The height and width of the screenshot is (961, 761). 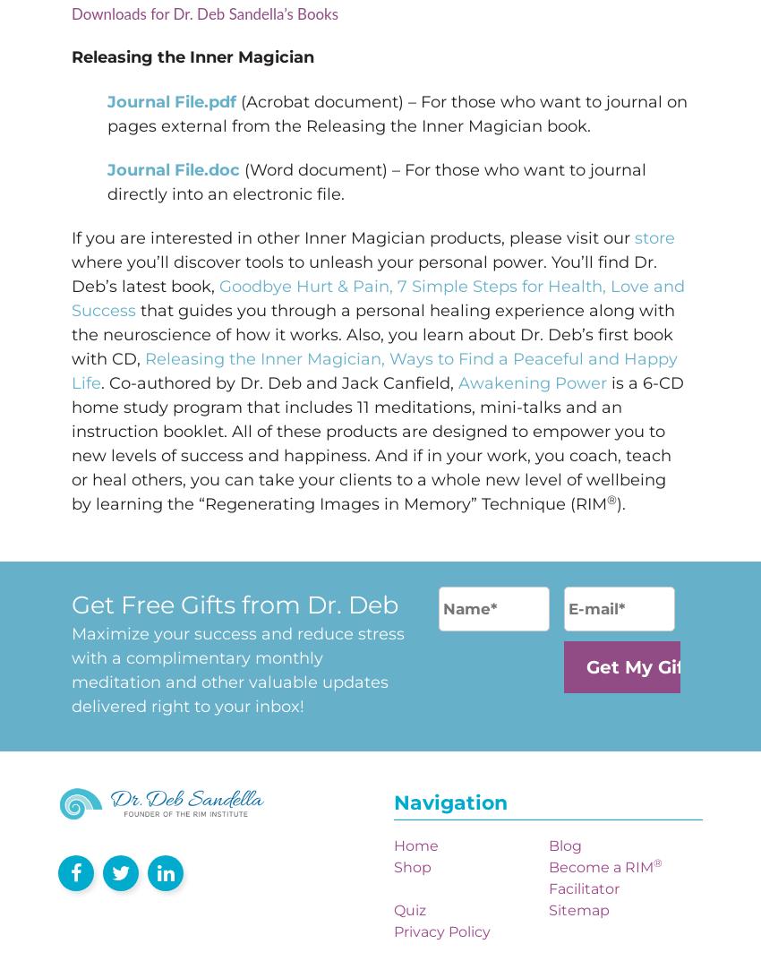 What do you see at coordinates (373, 334) in the screenshot?
I see `'that guides you through a personal healing experience along with the neuroscience of how it works. Also, you learn about Dr. Deb’s first book with CD,'` at bounding box center [373, 334].